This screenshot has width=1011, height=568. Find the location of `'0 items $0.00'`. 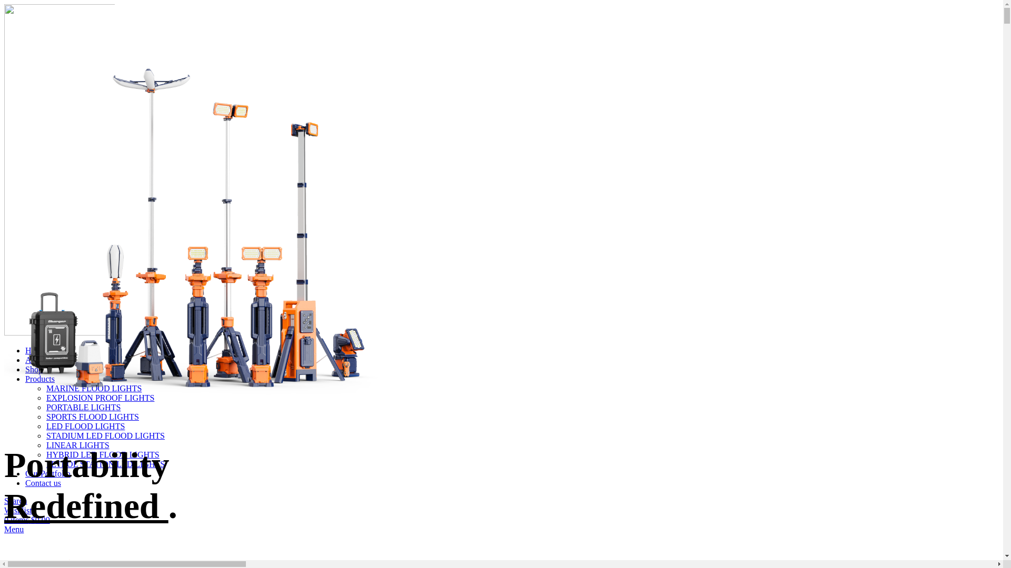

'0 items $0.00' is located at coordinates (27, 519).